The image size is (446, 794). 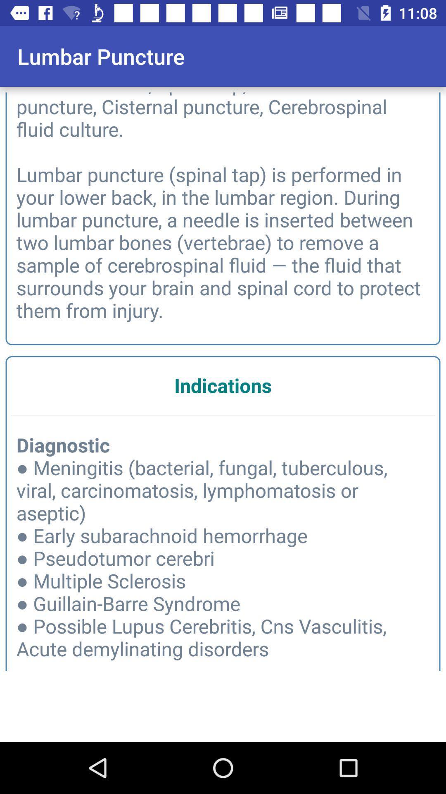 What do you see at coordinates (223, 385) in the screenshot?
I see `icon below other names spinal item` at bounding box center [223, 385].